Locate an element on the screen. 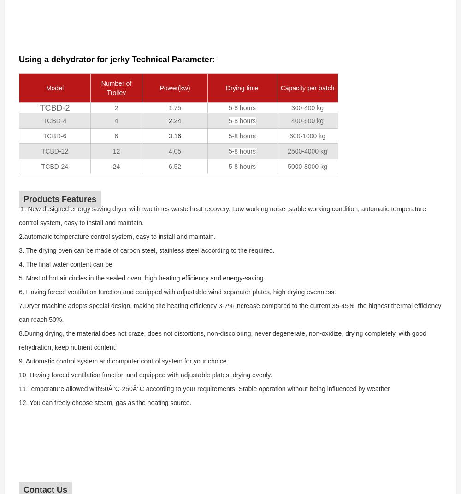 Image resolution: width=461 pixels, height=494 pixels. '1.75' is located at coordinates (175, 108).